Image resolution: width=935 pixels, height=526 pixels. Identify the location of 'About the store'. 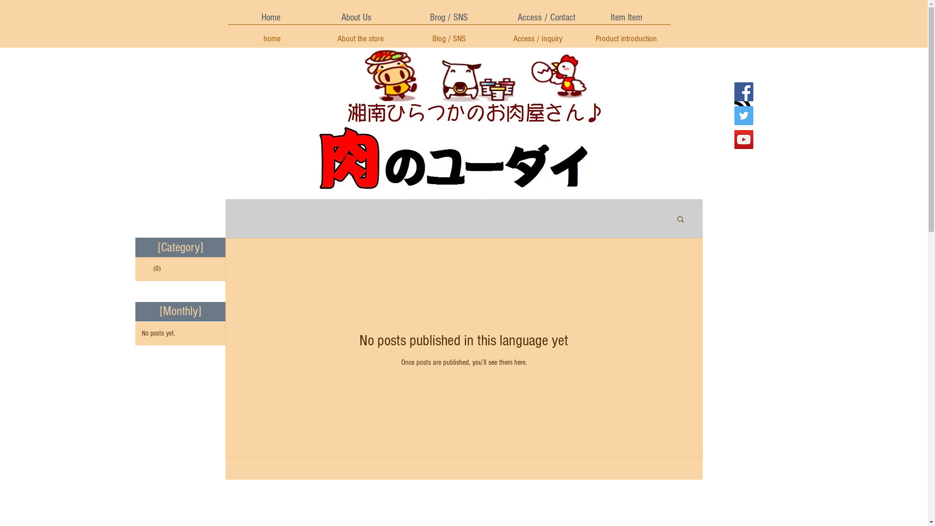
(316, 34).